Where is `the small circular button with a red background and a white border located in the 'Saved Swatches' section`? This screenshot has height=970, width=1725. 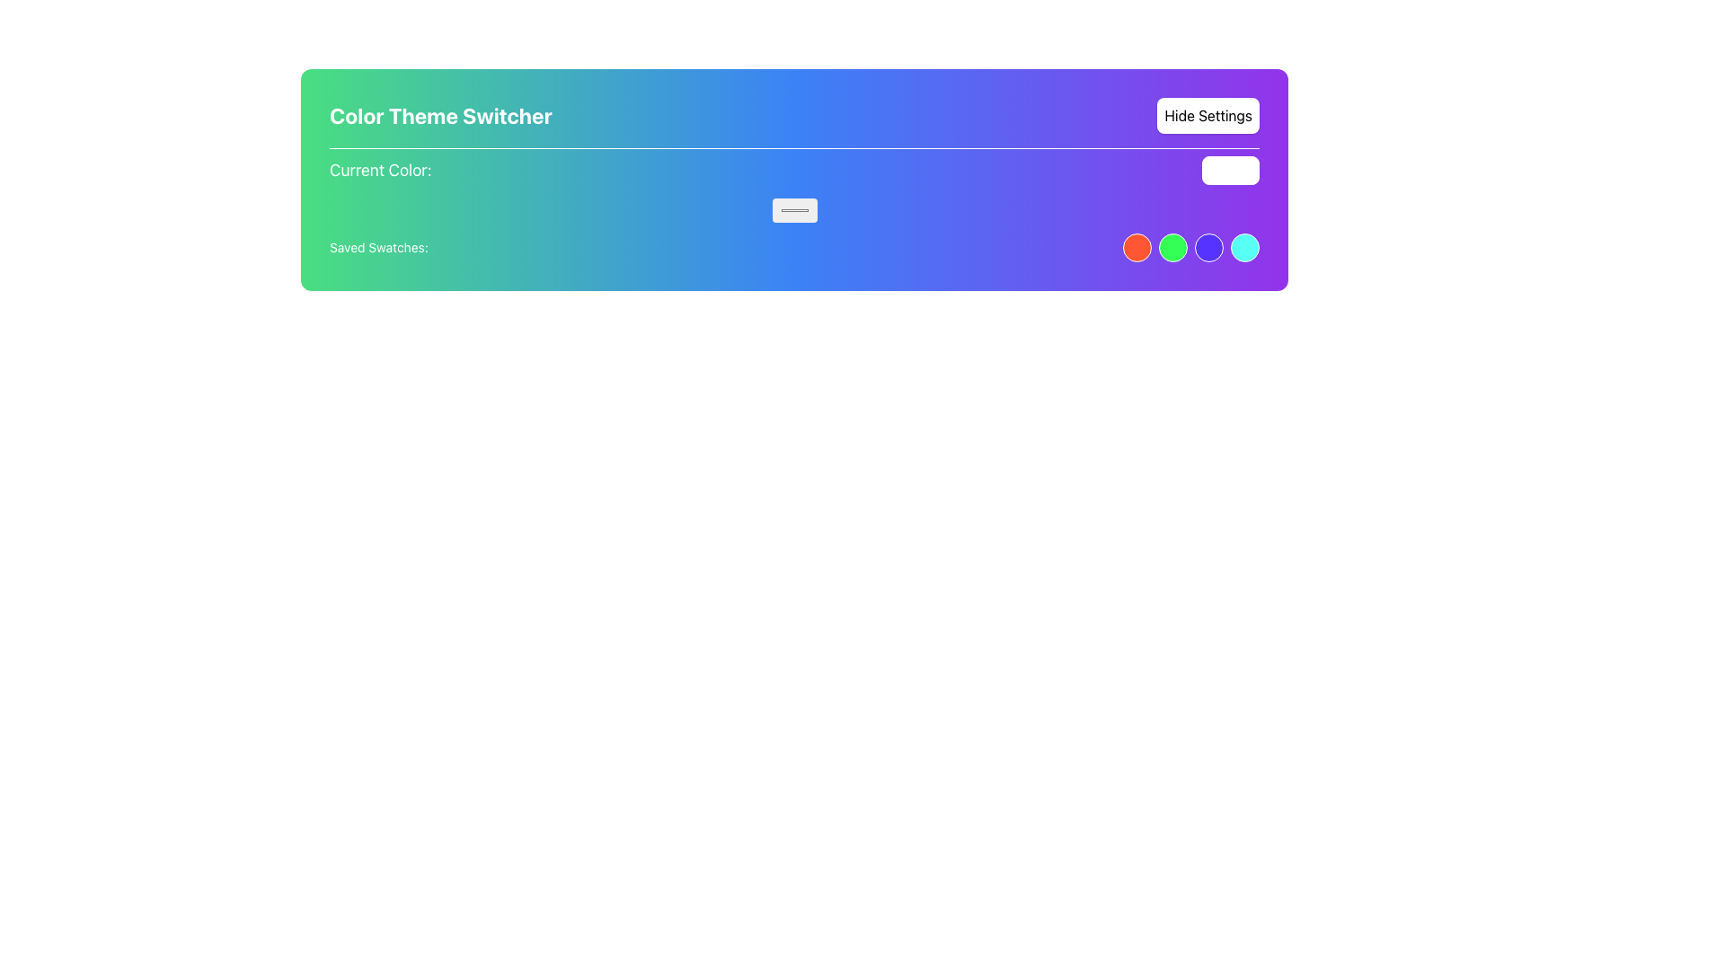
the small circular button with a red background and a white border located in the 'Saved Swatches' section is located at coordinates (1137, 248).